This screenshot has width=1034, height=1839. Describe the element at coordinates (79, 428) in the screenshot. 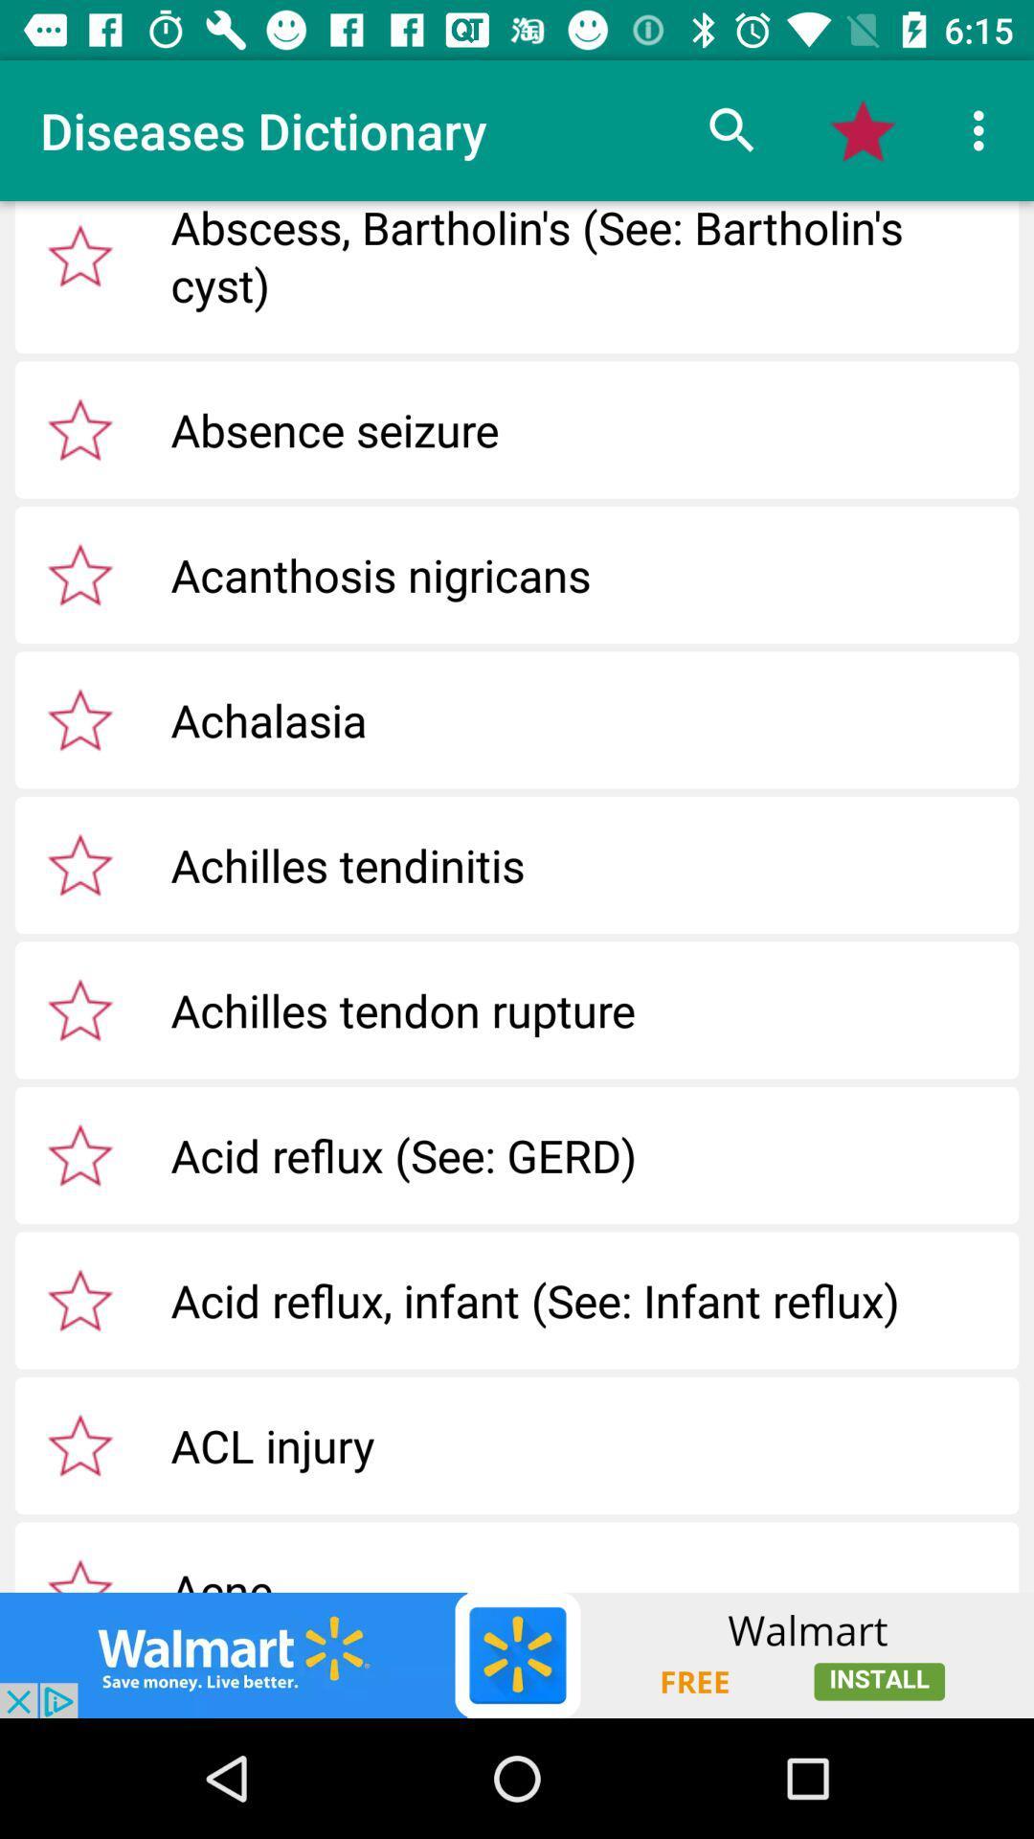

I see `absence seizure` at that location.